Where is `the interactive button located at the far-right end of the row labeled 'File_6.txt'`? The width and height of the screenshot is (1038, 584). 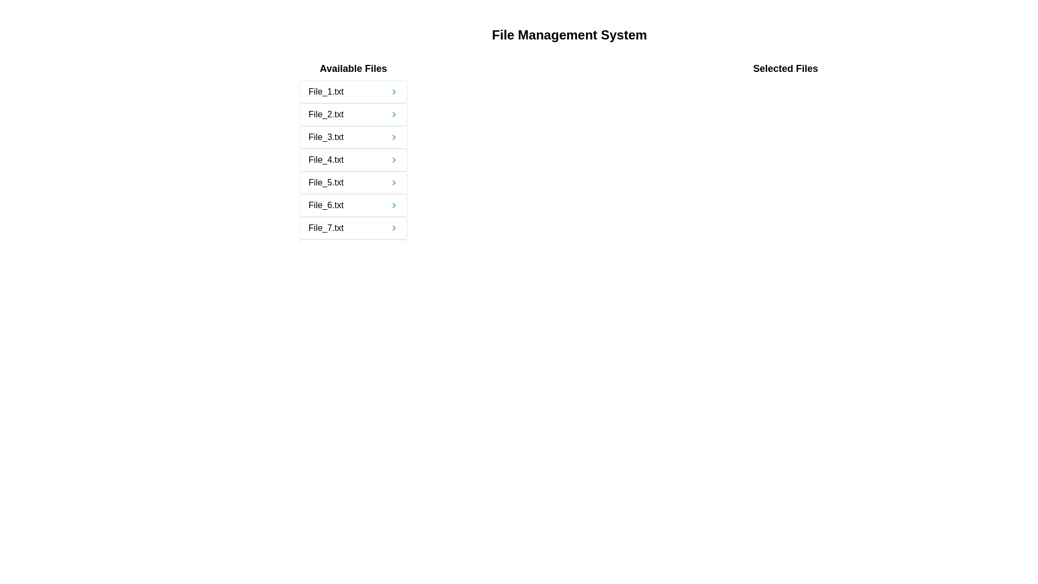 the interactive button located at the far-right end of the row labeled 'File_6.txt' is located at coordinates (393, 205).